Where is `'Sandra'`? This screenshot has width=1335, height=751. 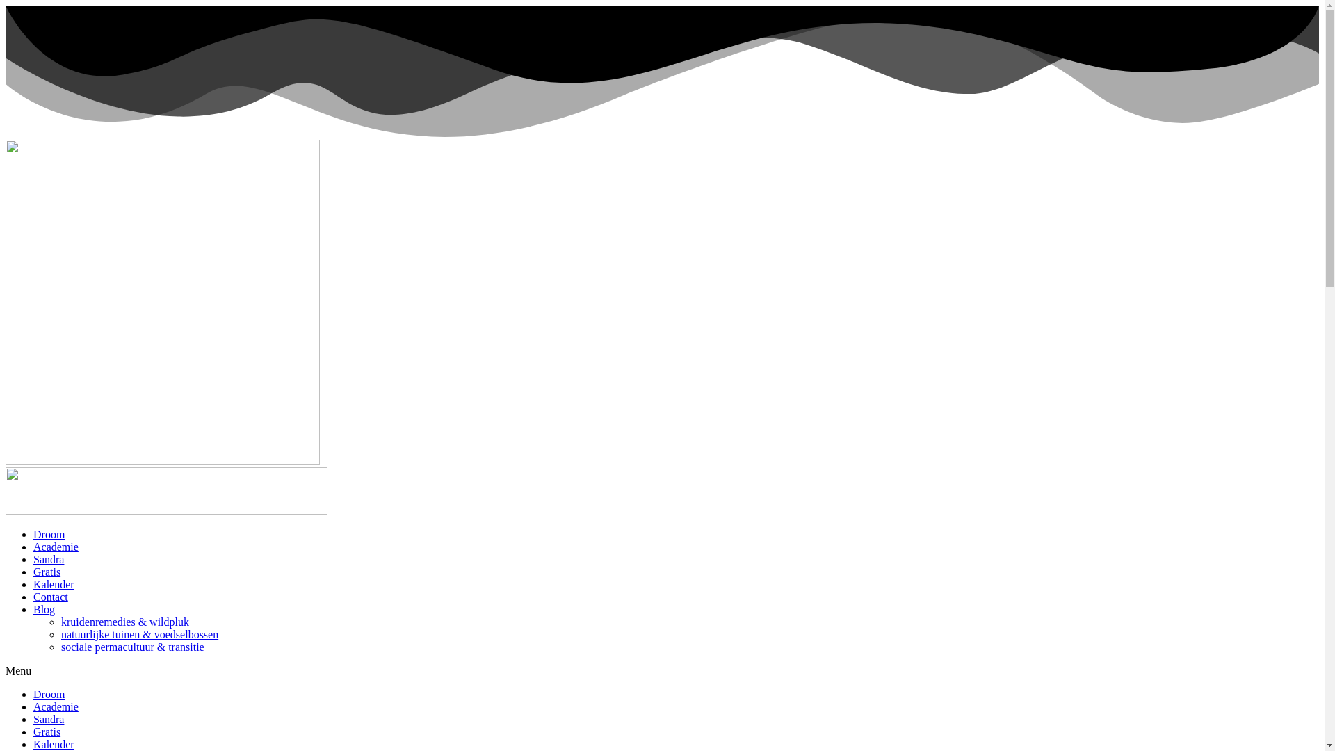 'Sandra' is located at coordinates (49, 558).